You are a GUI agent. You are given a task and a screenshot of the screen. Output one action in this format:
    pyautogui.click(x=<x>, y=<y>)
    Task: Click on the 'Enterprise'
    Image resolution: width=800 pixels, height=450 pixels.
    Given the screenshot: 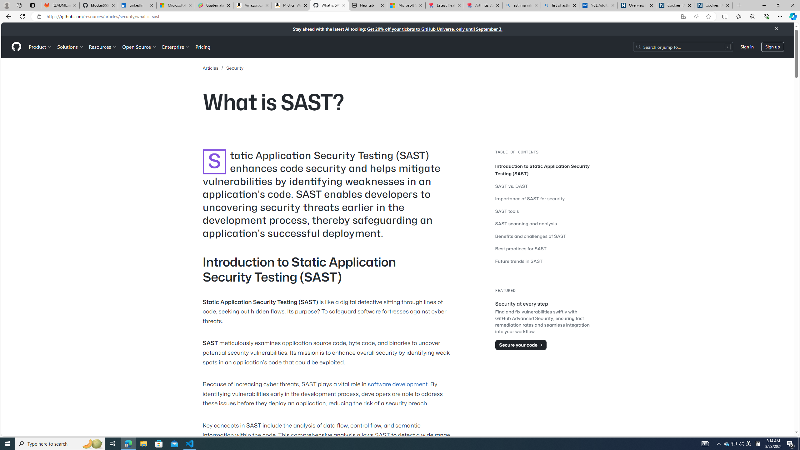 What is the action you would take?
    pyautogui.click(x=176, y=47)
    